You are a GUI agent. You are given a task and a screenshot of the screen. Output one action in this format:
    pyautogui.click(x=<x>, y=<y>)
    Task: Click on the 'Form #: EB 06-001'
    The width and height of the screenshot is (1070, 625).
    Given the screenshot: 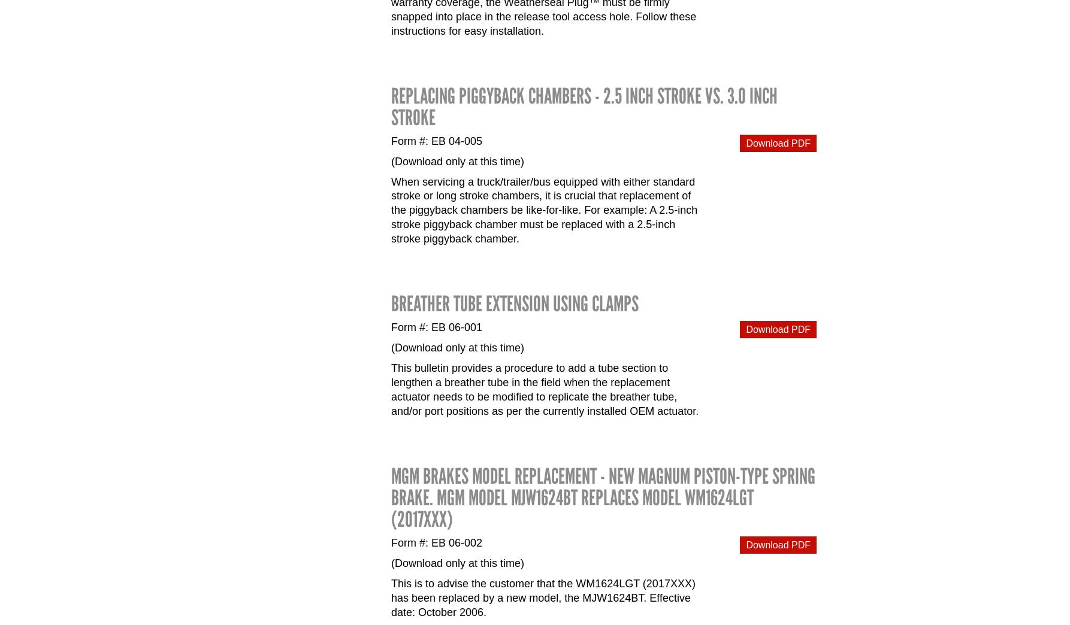 What is the action you would take?
    pyautogui.click(x=391, y=326)
    